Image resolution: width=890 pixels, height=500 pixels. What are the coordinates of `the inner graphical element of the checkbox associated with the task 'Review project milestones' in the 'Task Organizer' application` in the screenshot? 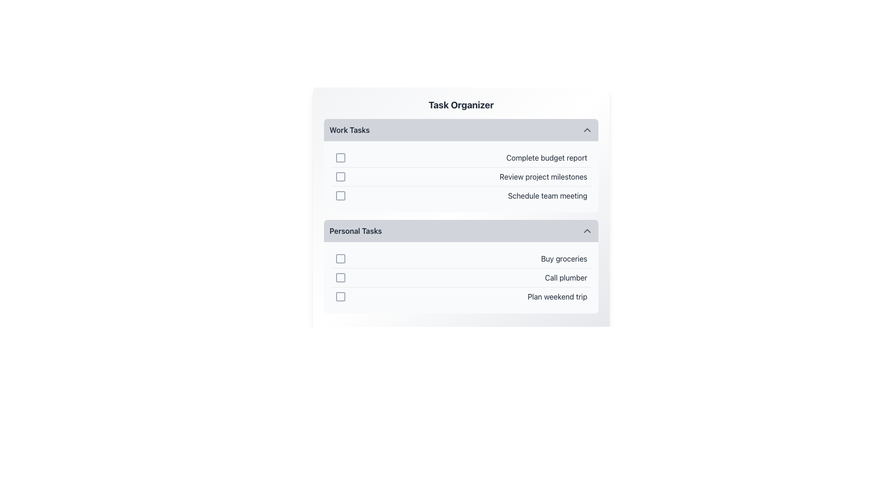 It's located at (340, 176).